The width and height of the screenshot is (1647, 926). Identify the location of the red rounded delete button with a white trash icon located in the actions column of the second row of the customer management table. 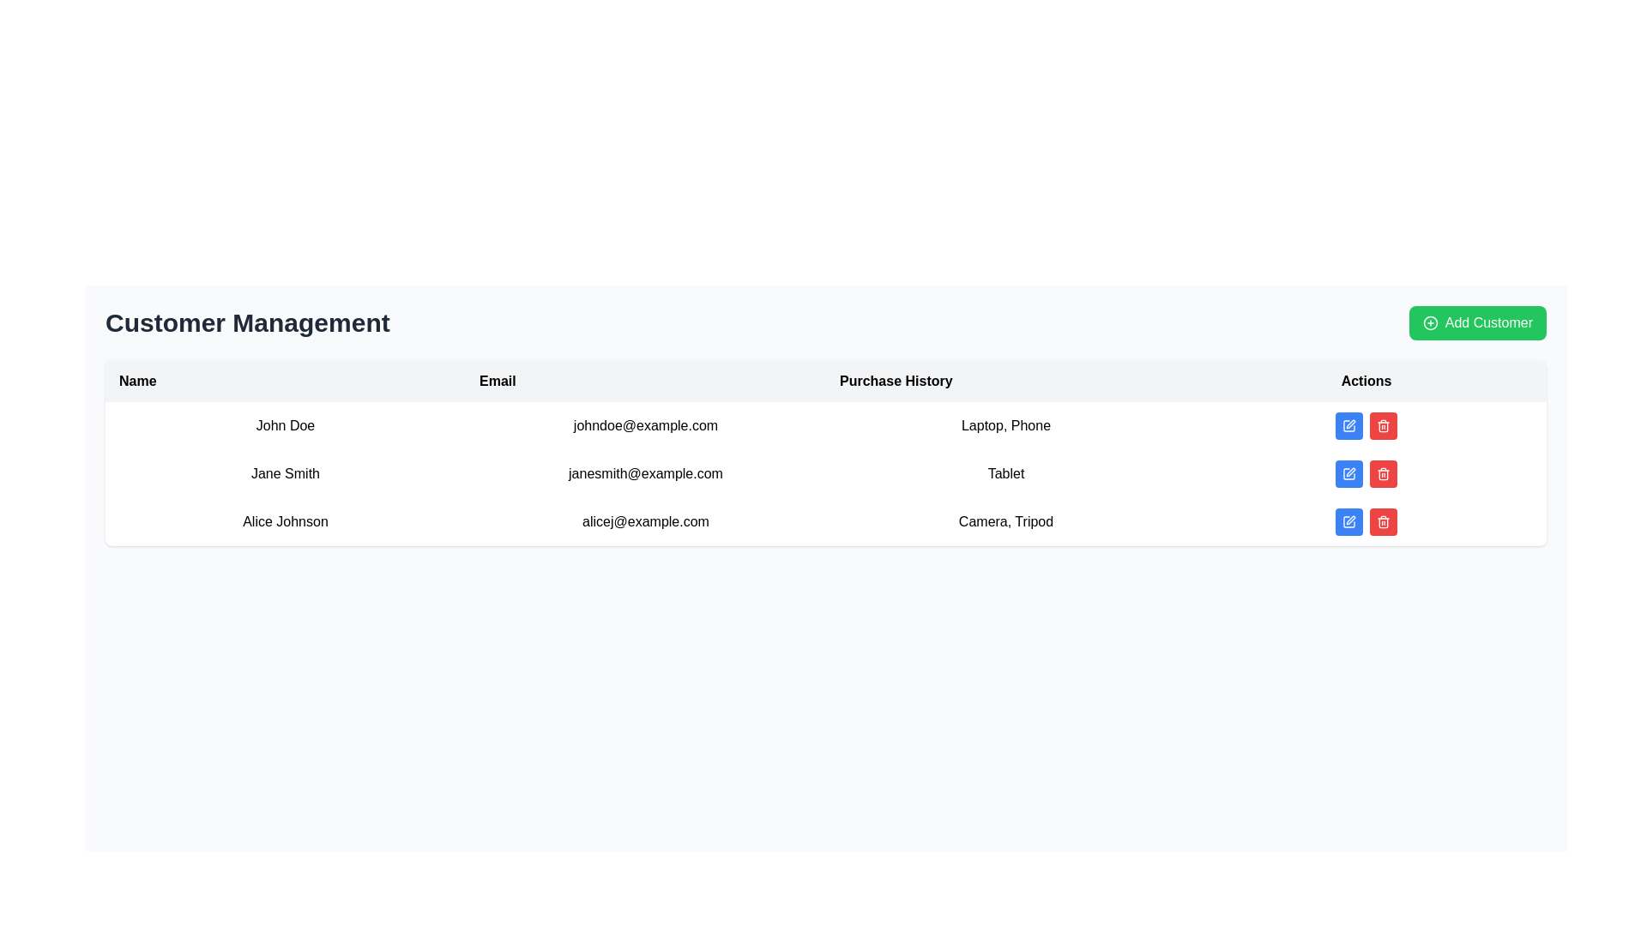
(1383, 473).